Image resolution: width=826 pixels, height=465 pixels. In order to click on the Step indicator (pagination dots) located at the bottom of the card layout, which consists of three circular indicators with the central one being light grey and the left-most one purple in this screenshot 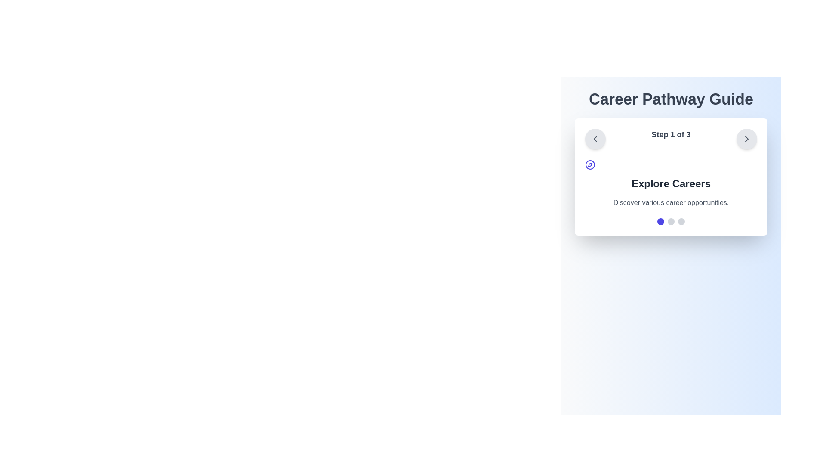, I will do `click(671, 221)`.